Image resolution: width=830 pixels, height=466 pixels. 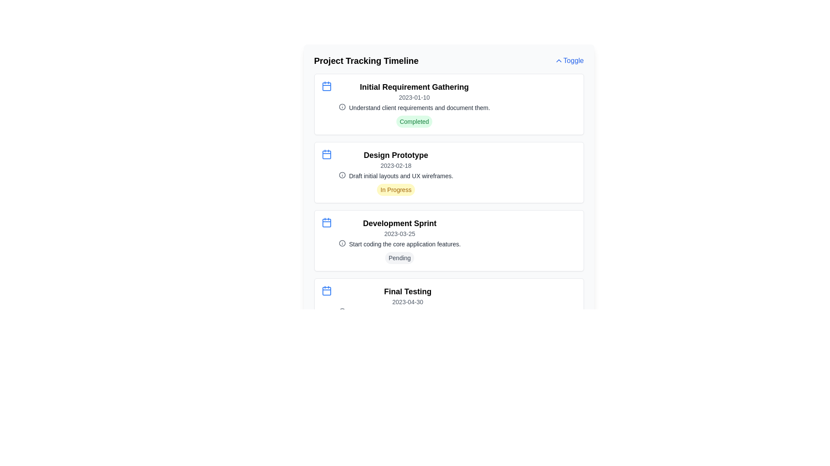 I want to click on the upward-facing chevron arrow icon located at the top-right corner of the 'Project Tracking Timeline' interface, directly to the left of the 'Toggle' text, for keyboard interaction, so click(x=559, y=60).